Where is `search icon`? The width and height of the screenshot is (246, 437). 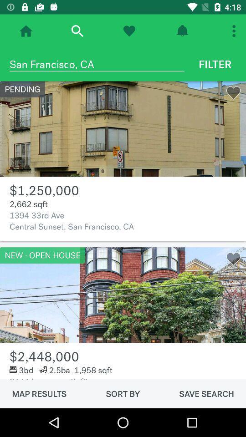 search icon is located at coordinates (77, 31).